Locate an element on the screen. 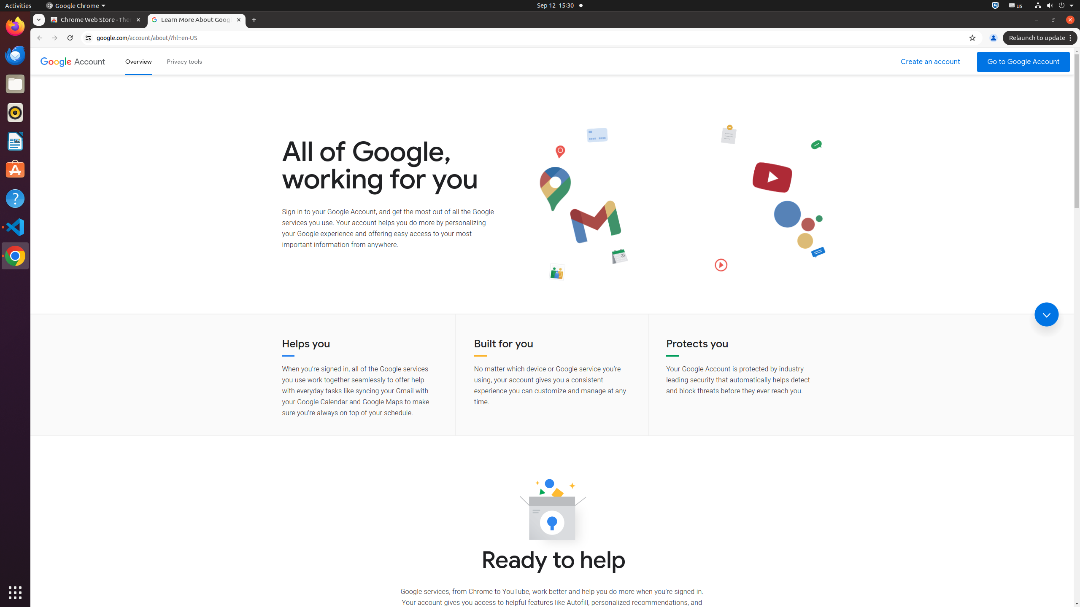 This screenshot has width=1080, height=607. 'System' is located at coordinates (1054, 5).